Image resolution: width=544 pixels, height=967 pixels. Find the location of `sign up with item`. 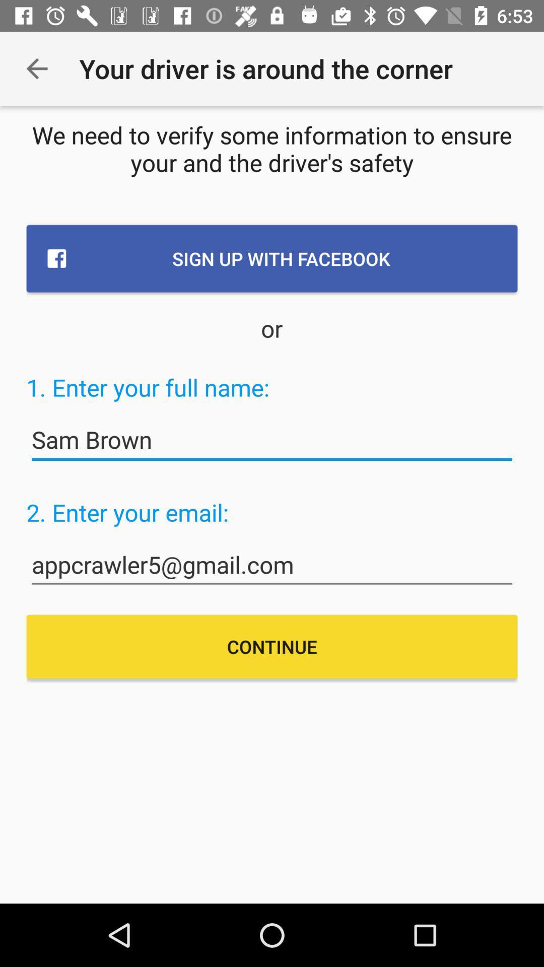

sign up with item is located at coordinates (272, 258).